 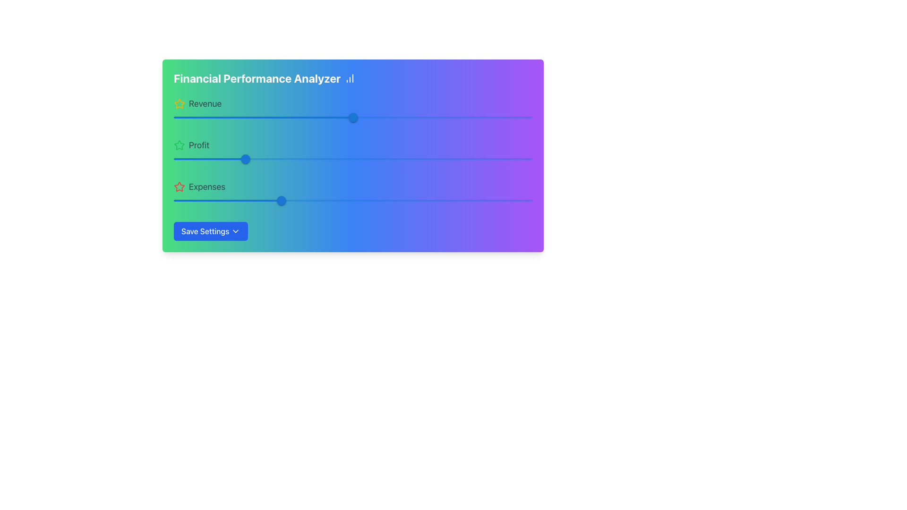 I want to click on the Text header with an accompanying icon at the top-center of the colorful gradient card that serves as the title for the financial performance analyzer interface, so click(x=352, y=77).